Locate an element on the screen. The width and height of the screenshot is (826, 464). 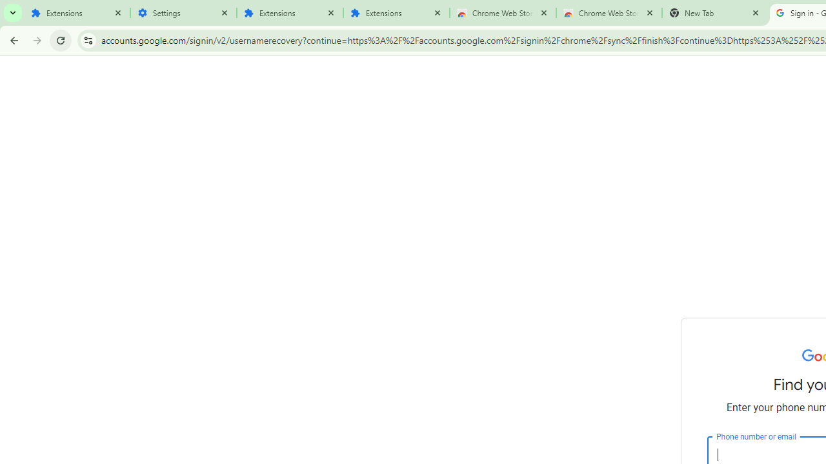
'Extensions' is located at coordinates (76, 13).